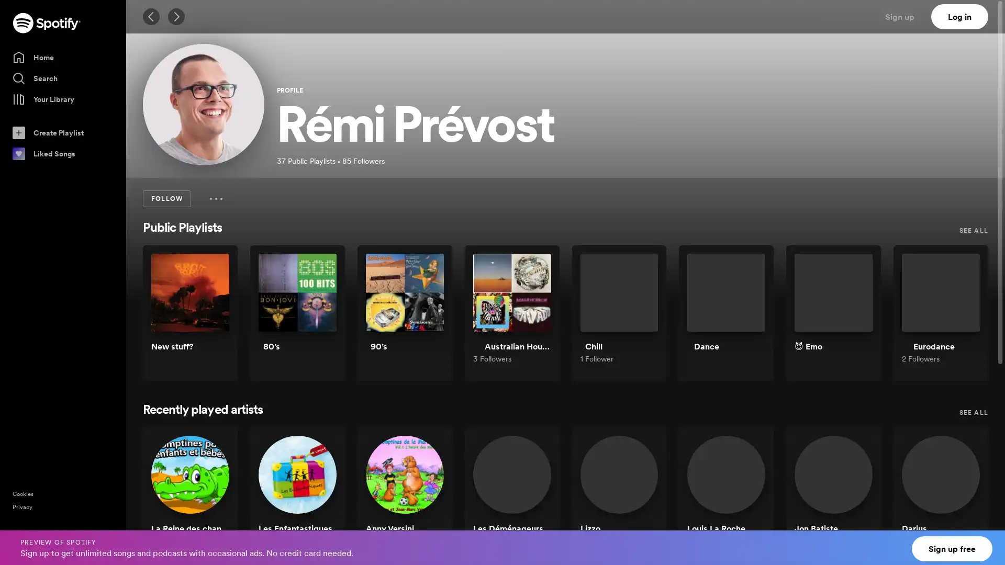  What do you see at coordinates (427, 318) in the screenshot?
I see `Play 90s` at bounding box center [427, 318].